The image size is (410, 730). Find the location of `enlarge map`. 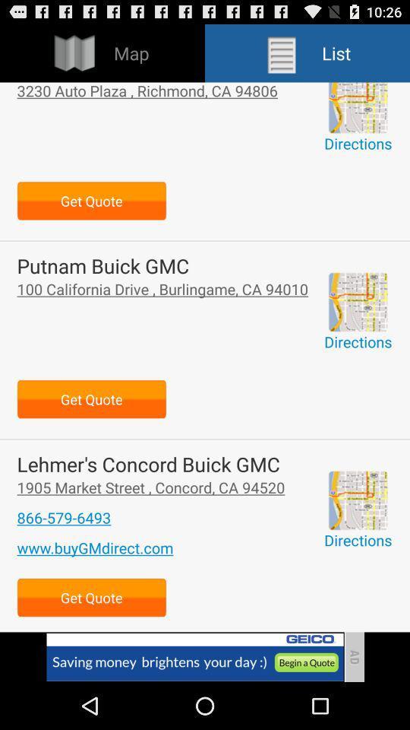

enlarge map is located at coordinates (358, 106).